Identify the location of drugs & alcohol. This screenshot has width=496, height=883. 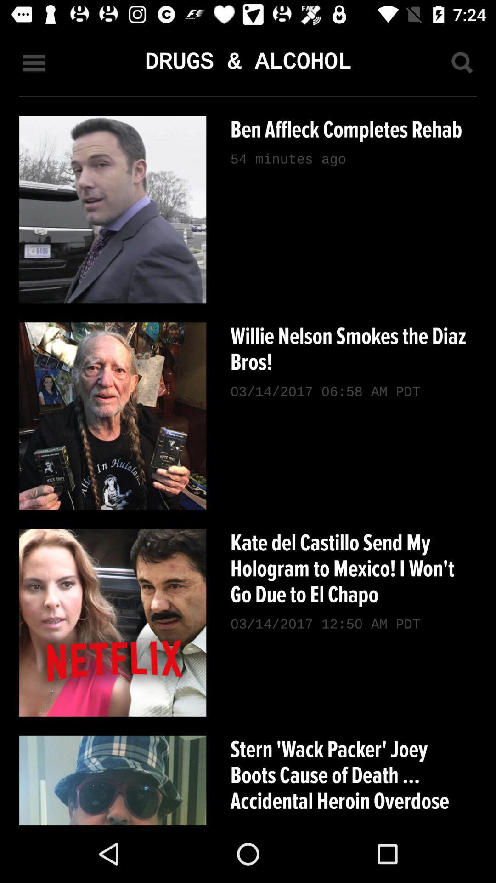
(248, 62).